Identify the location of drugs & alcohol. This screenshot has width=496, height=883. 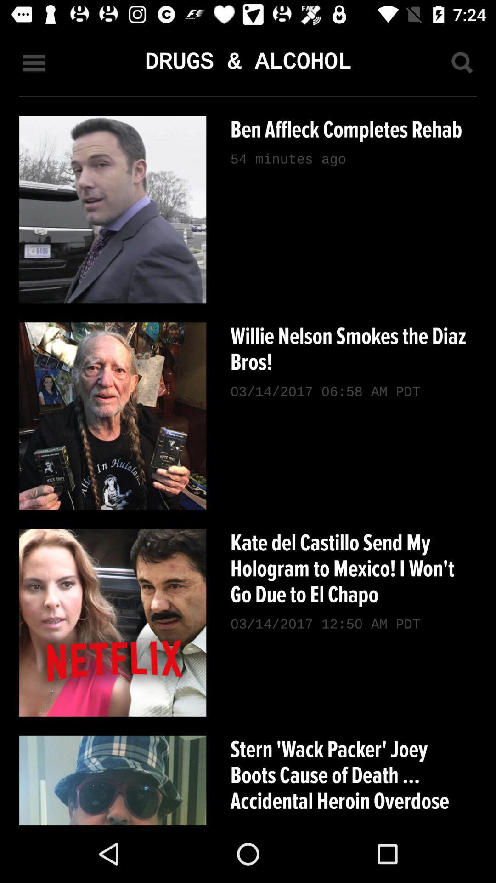
(248, 62).